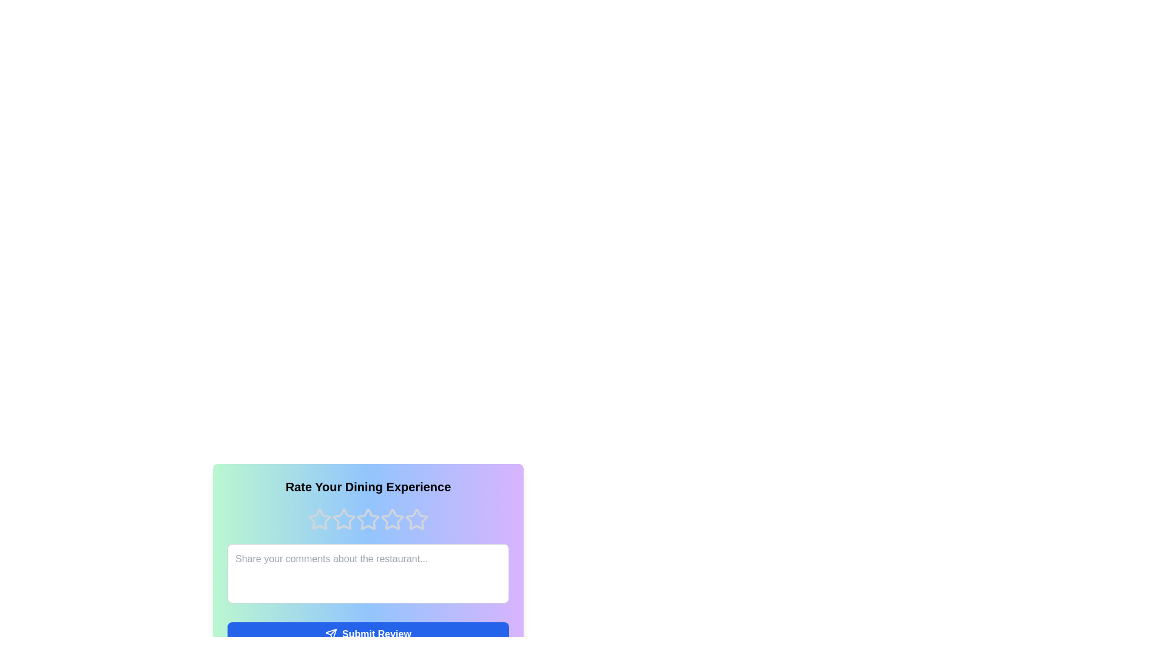  What do you see at coordinates (367, 519) in the screenshot?
I see `the star-based rating input element located below the title 'Rate Your Dining Experience' for keyboard interactions` at bounding box center [367, 519].